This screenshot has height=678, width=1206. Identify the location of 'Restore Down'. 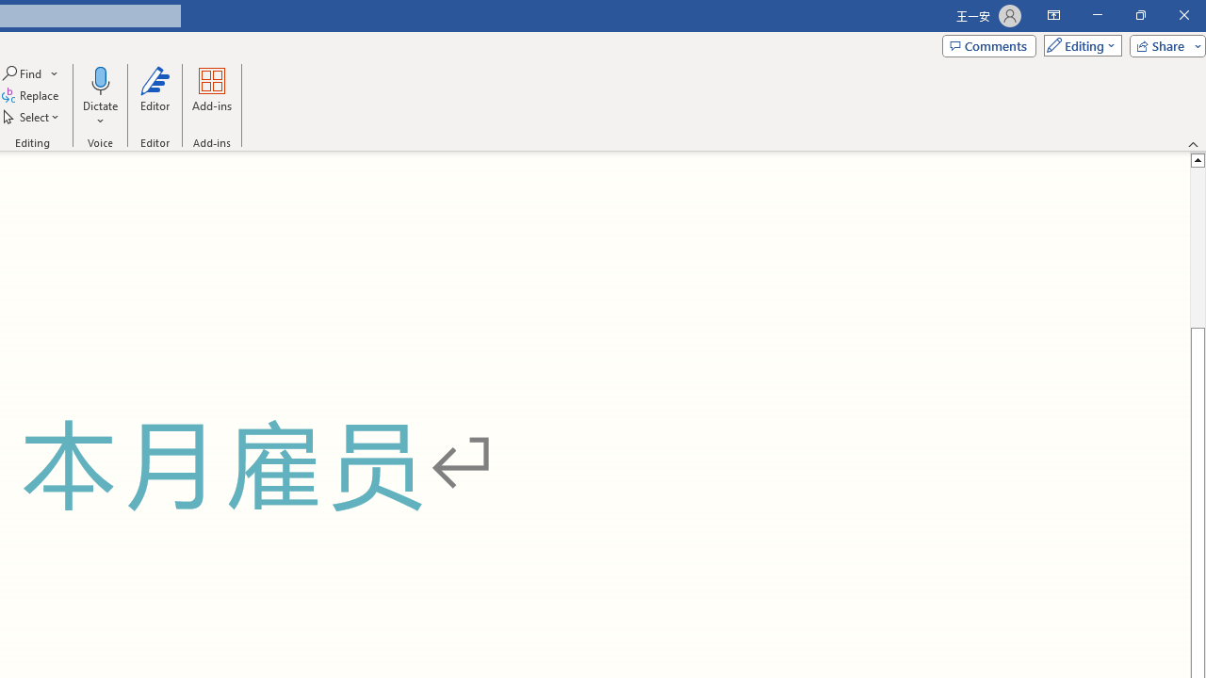
(1139, 15).